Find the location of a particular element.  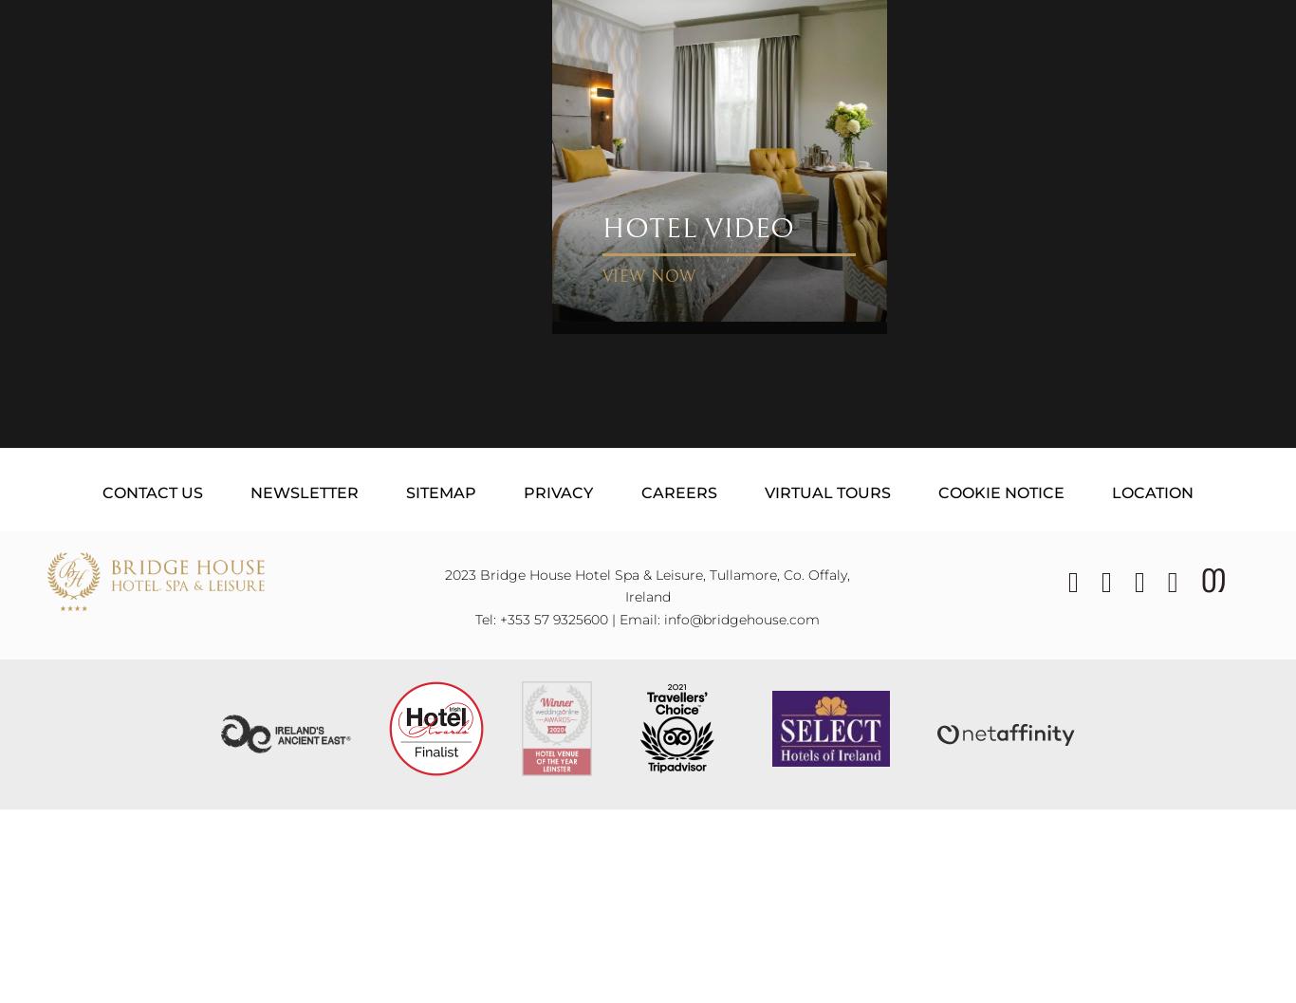

'+353 57 9325600' is located at coordinates (552, 618).